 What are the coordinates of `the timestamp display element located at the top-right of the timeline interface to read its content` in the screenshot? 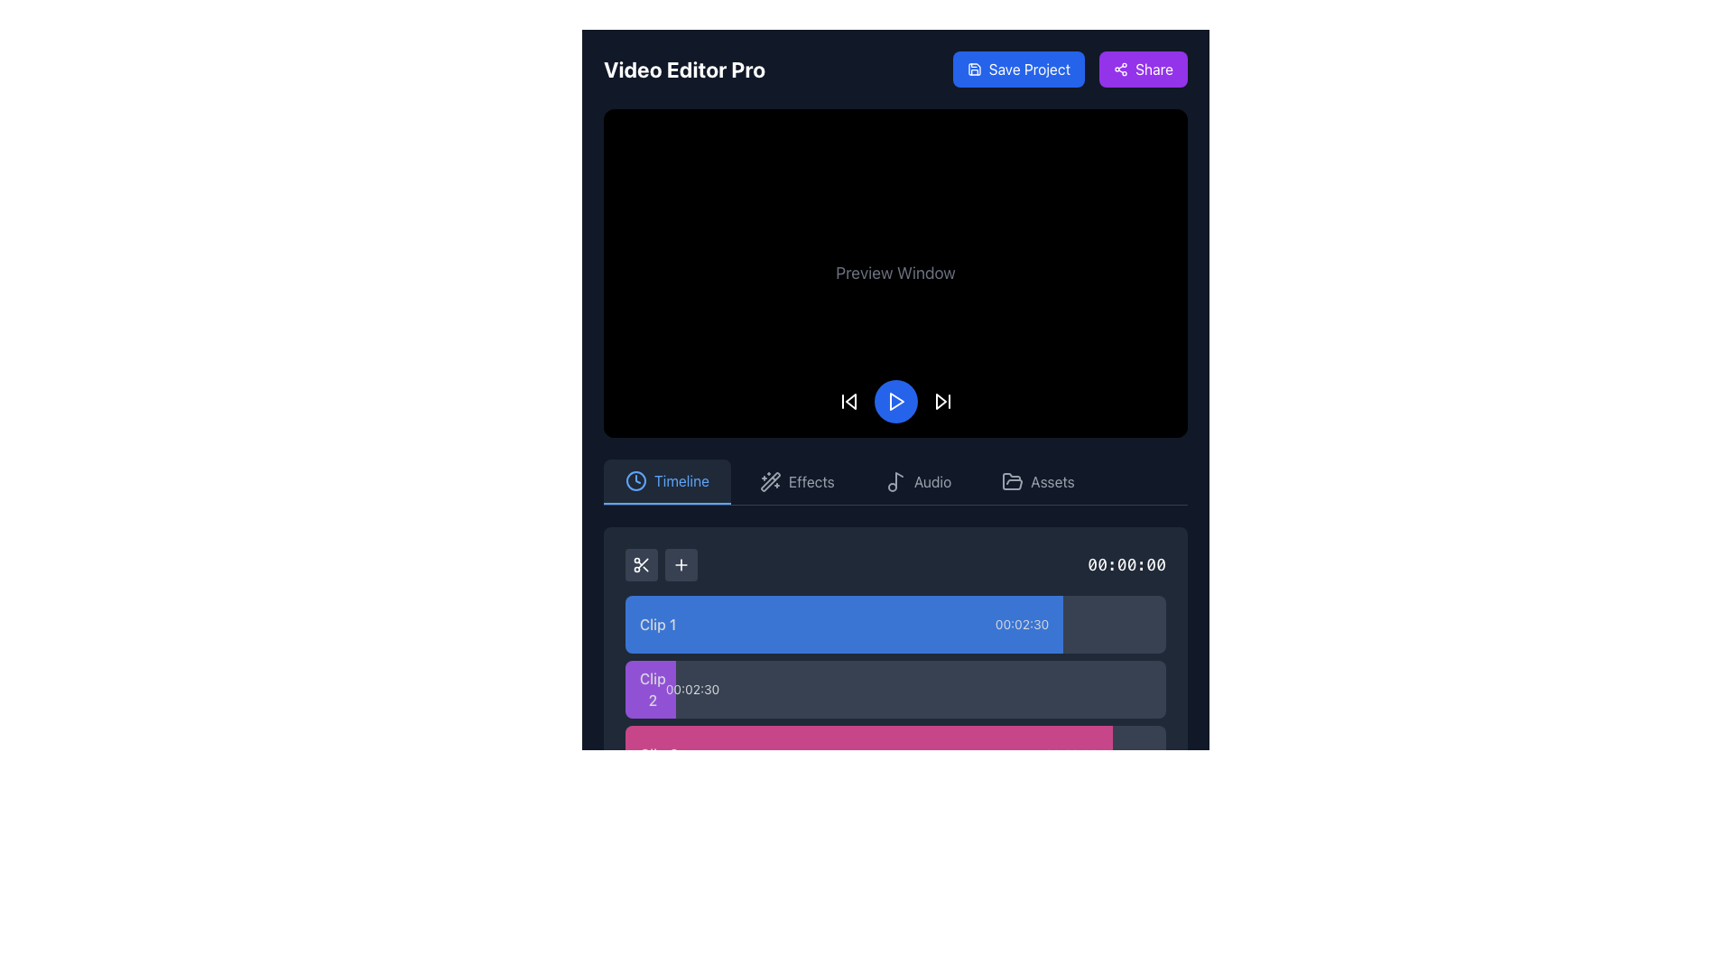 It's located at (1126, 563).